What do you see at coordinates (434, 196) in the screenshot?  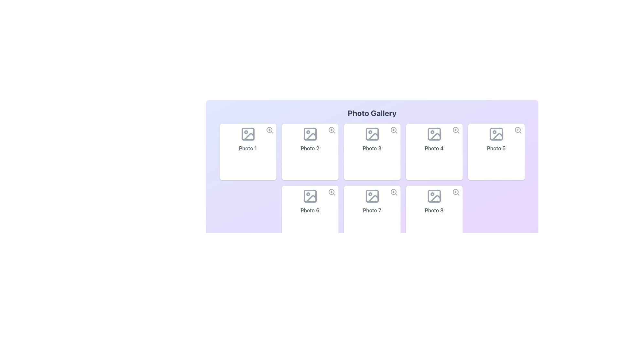 I see `the SVG icon representing an image located in the bottom-right card labeled 'Photo 8' in the photo gallery interface` at bounding box center [434, 196].